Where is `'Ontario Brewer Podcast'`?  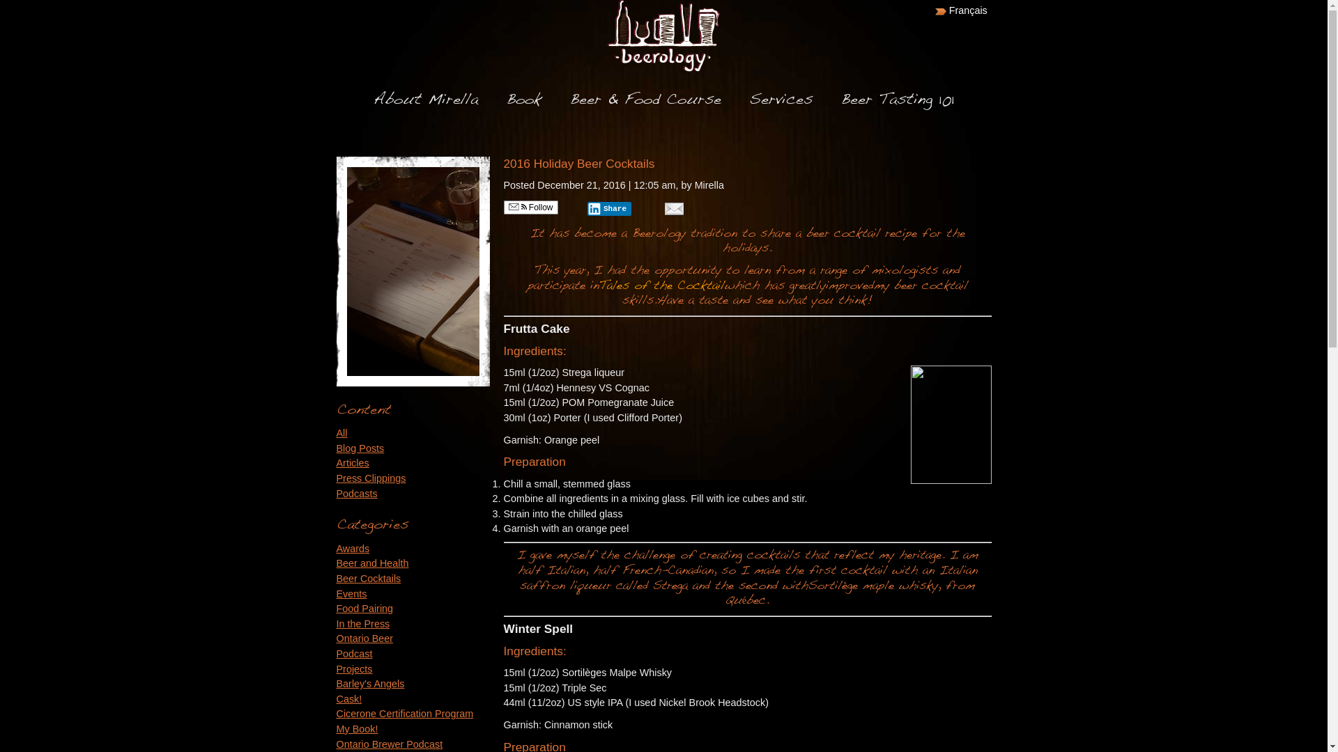
'Ontario Brewer Podcast' is located at coordinates (389, 743).